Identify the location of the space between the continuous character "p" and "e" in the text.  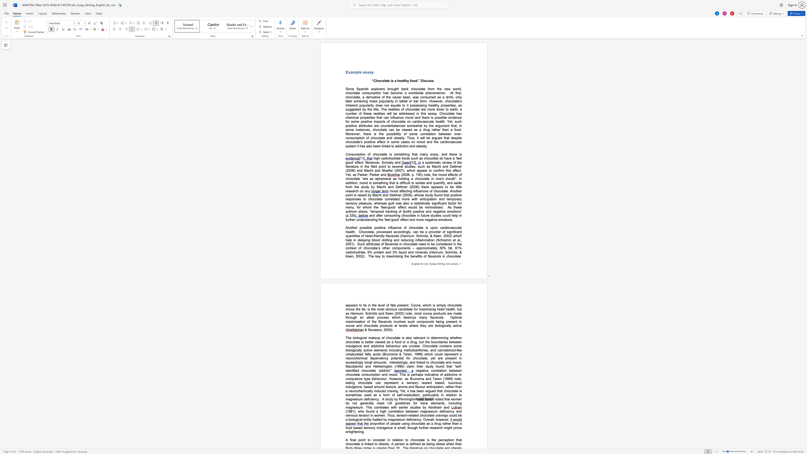
(440, 440).